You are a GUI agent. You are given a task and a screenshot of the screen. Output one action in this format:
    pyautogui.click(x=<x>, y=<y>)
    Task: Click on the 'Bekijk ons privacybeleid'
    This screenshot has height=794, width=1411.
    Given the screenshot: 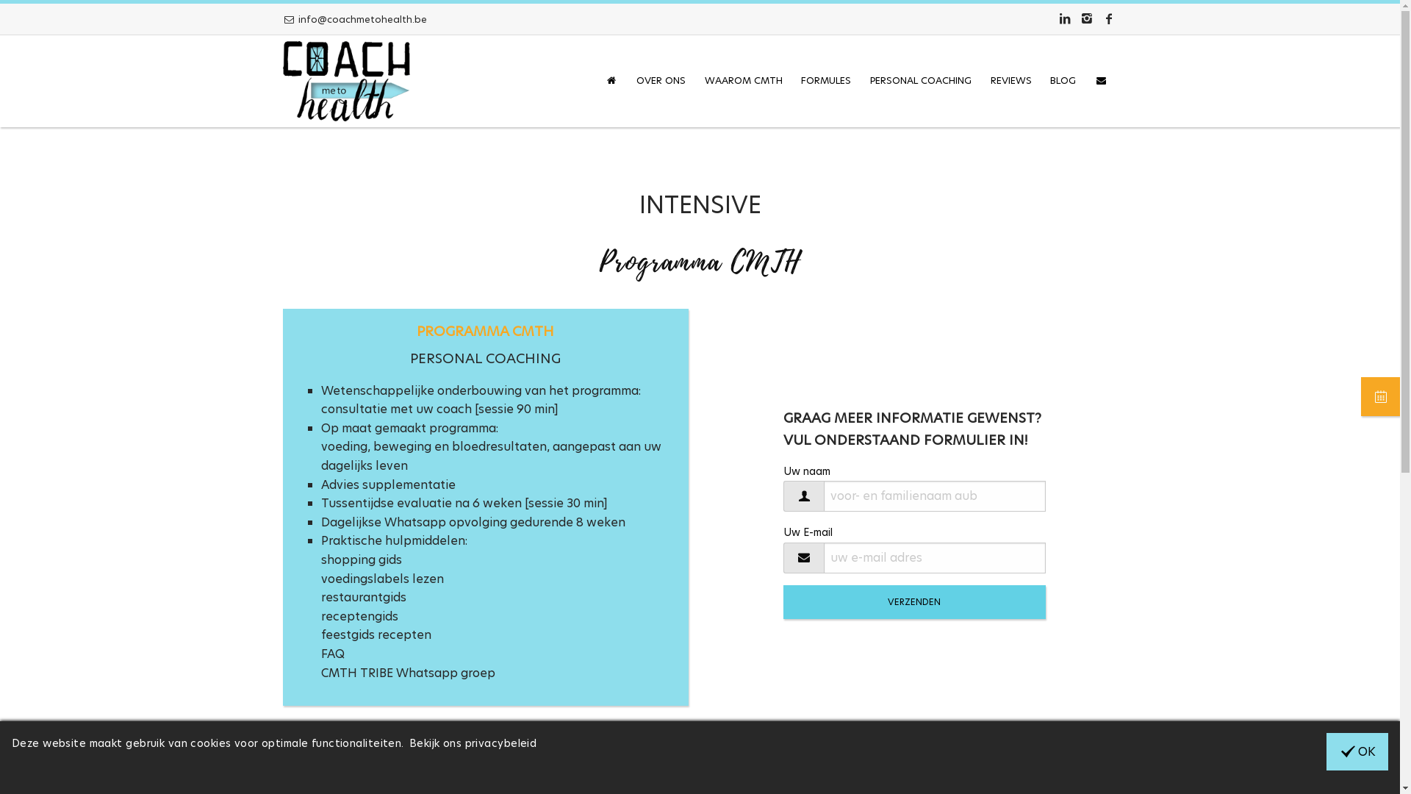 What is the action you would take?
    pyautogui.click(x=473, y=743)
    